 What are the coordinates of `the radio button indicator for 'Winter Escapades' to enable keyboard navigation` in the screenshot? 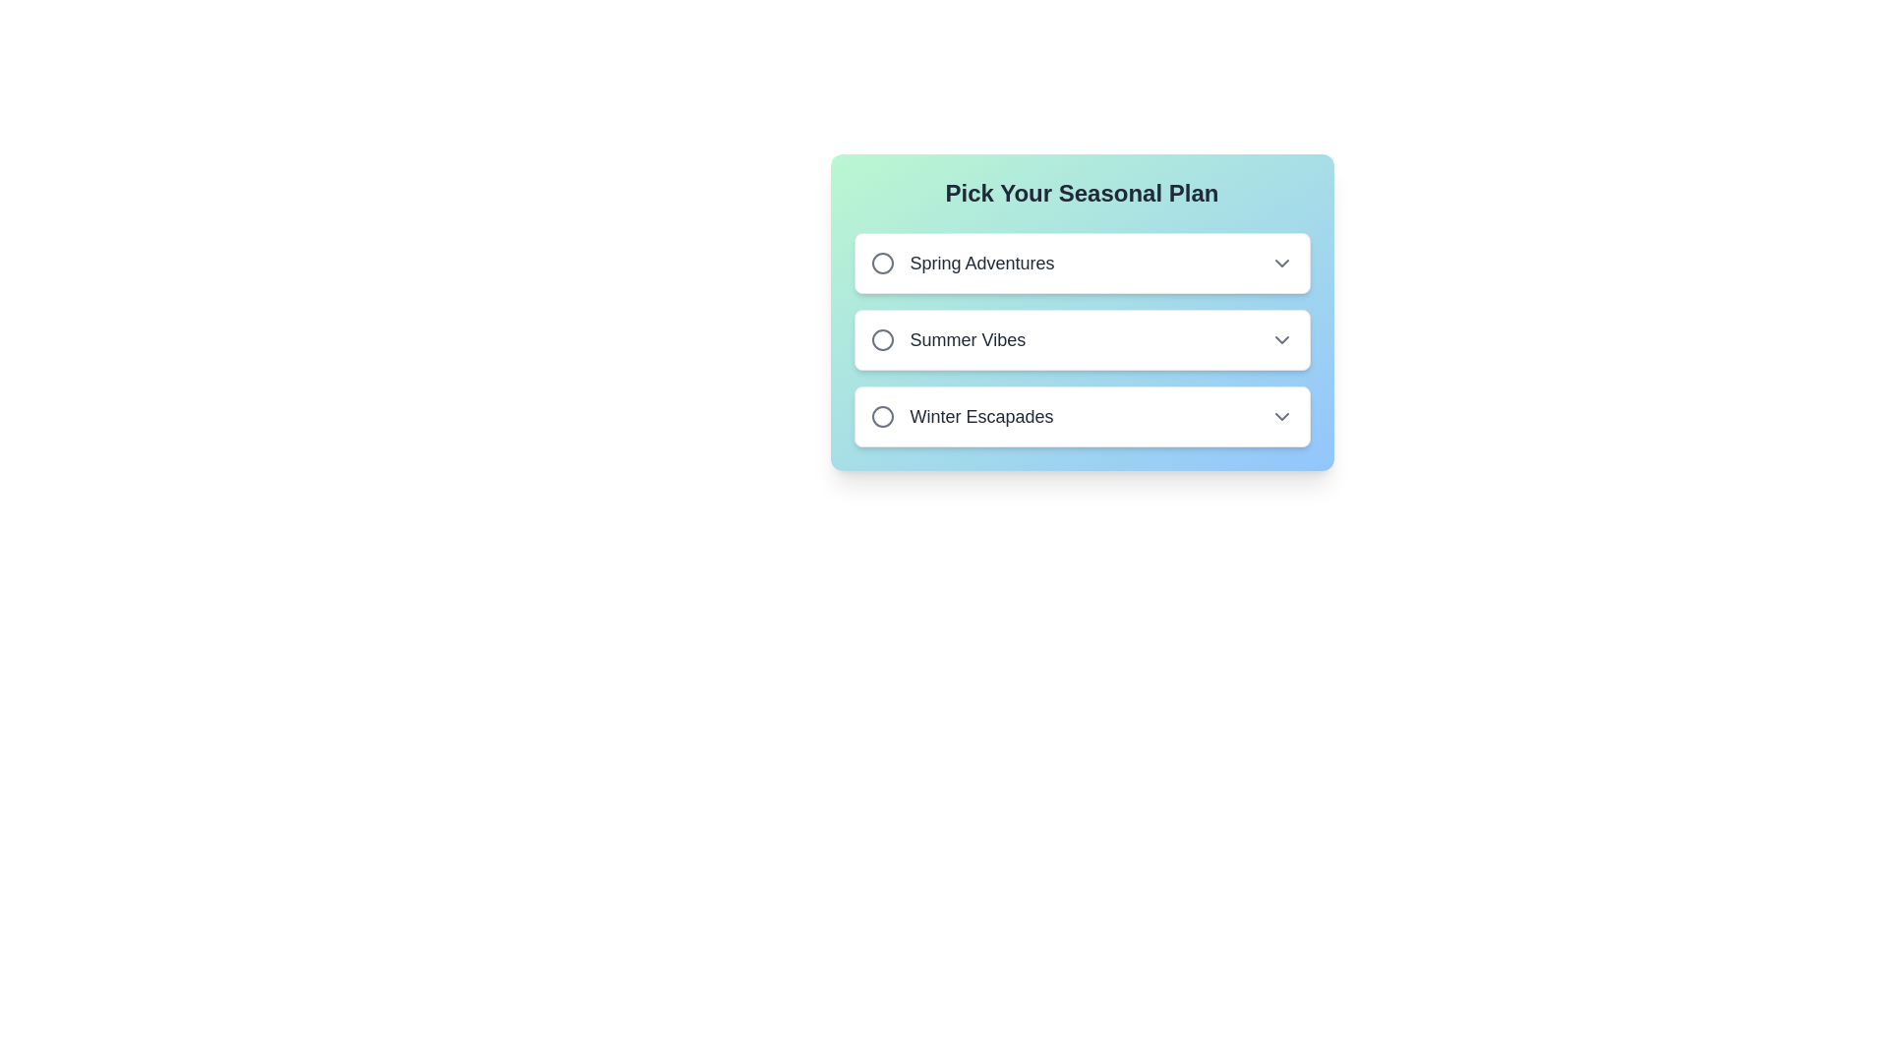 It's located at (881, 416).